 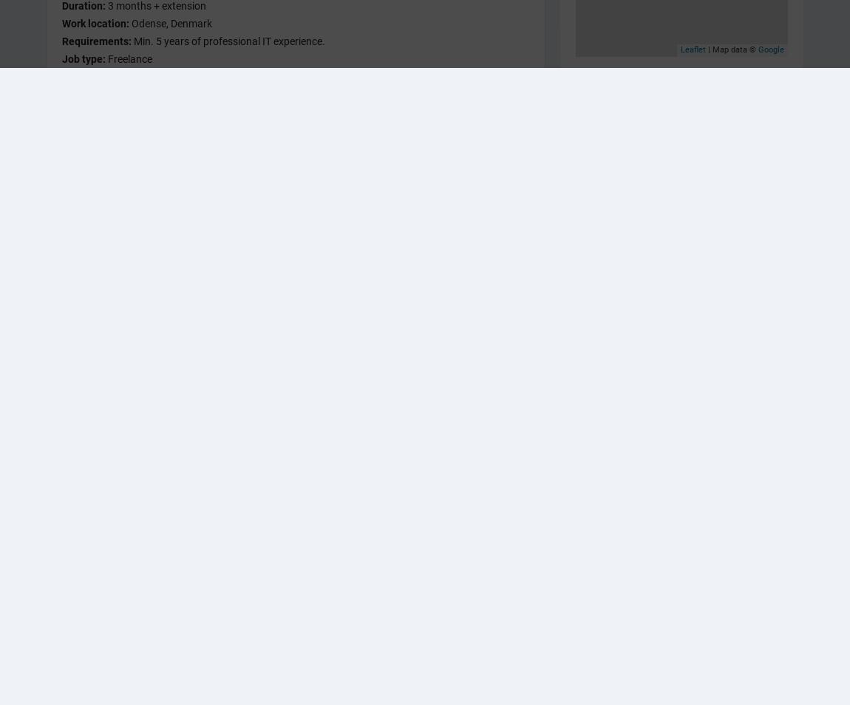 What do you see at coordinates (435, 661) in the screenshot?
I see `'Region Midtjylland'` at bounding box center [435, 661].